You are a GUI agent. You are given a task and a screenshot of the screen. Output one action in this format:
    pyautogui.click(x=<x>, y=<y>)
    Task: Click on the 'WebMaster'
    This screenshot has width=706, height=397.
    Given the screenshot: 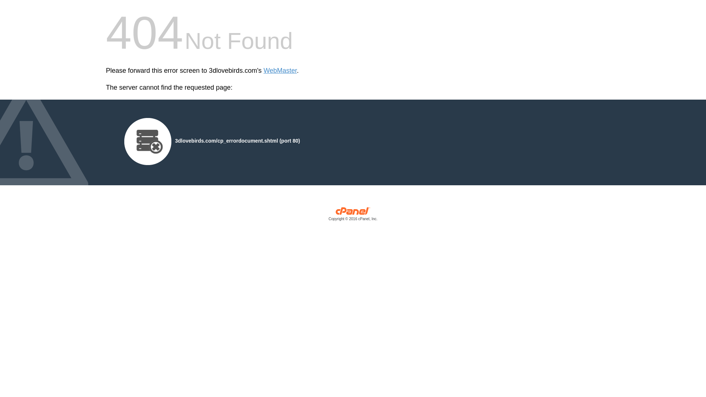 What is the action you would take?
    pyautogui.click(x=280, y=71)
    